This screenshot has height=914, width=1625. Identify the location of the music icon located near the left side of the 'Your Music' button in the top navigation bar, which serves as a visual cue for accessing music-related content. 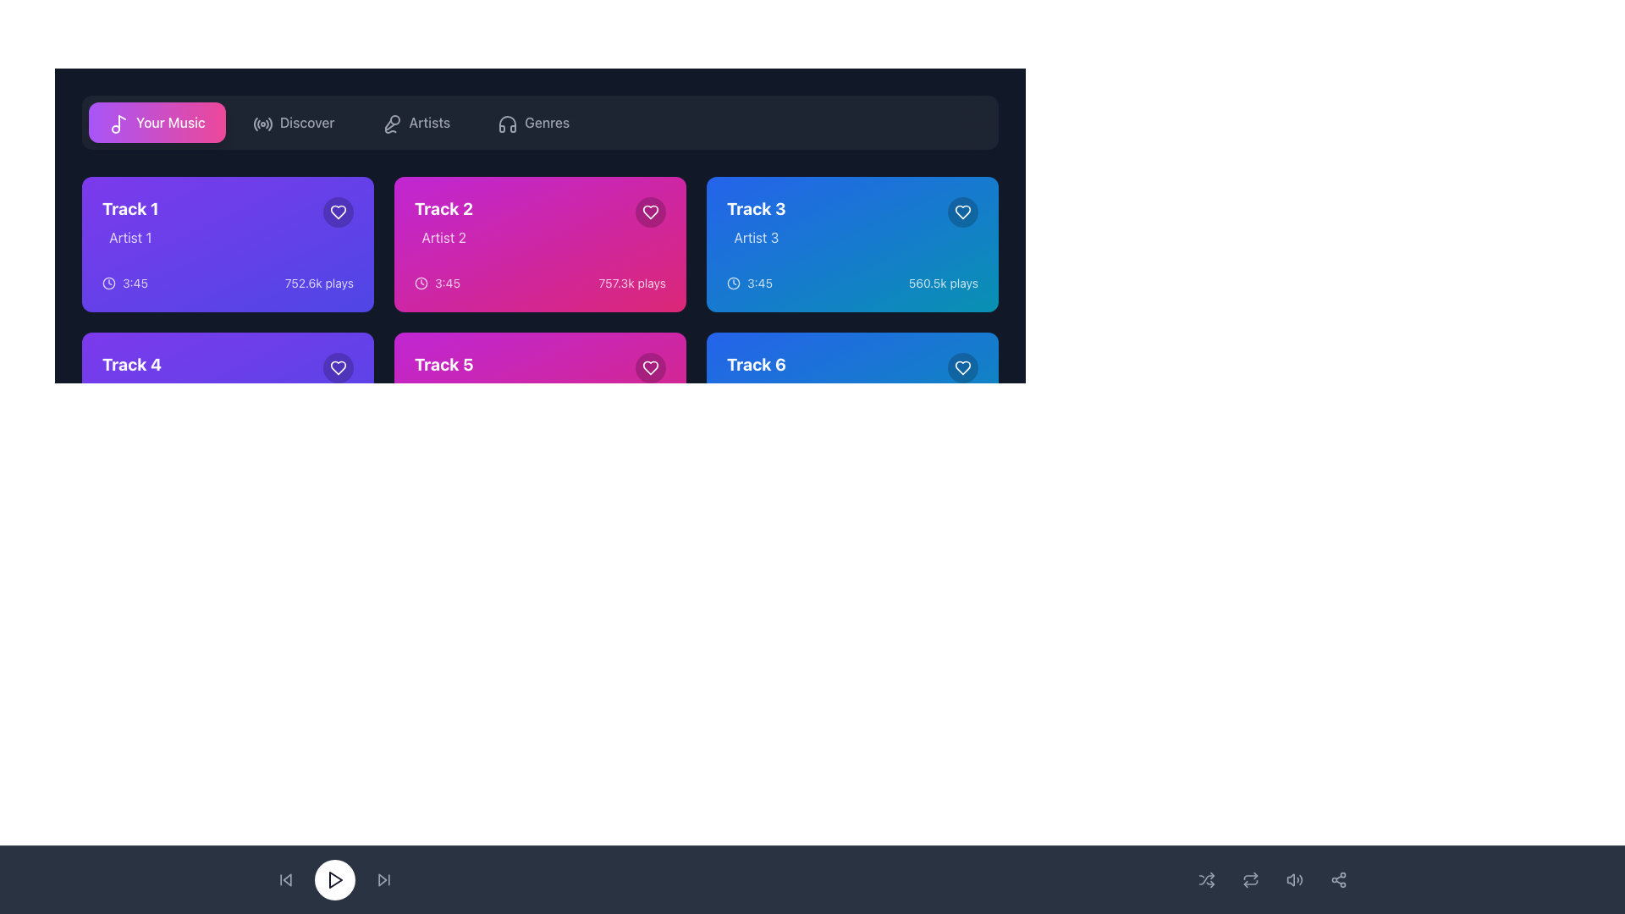
(117, 122).